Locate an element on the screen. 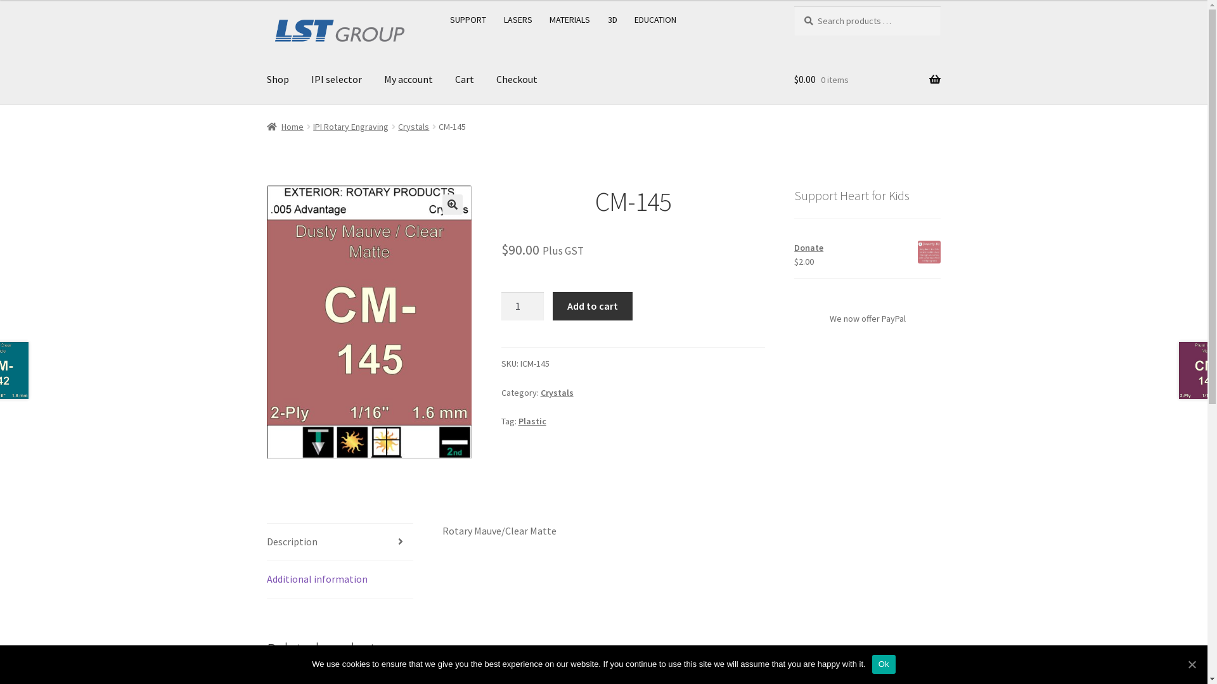  'Skip to navigation' is located at coordinates (266, 6).